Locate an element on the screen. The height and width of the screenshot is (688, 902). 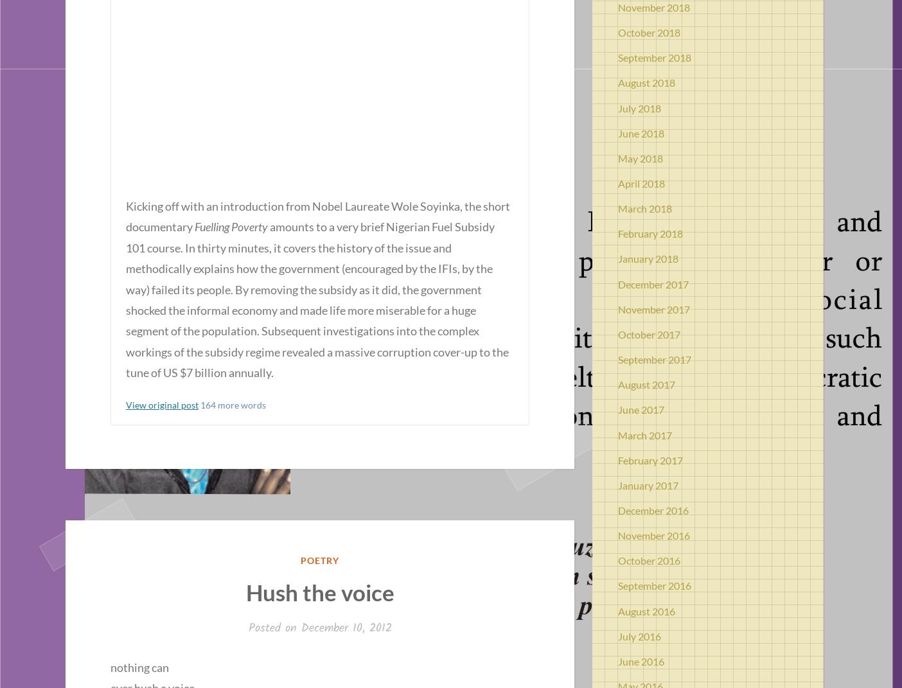
'March 2018' is located at coordinates (645, 207).